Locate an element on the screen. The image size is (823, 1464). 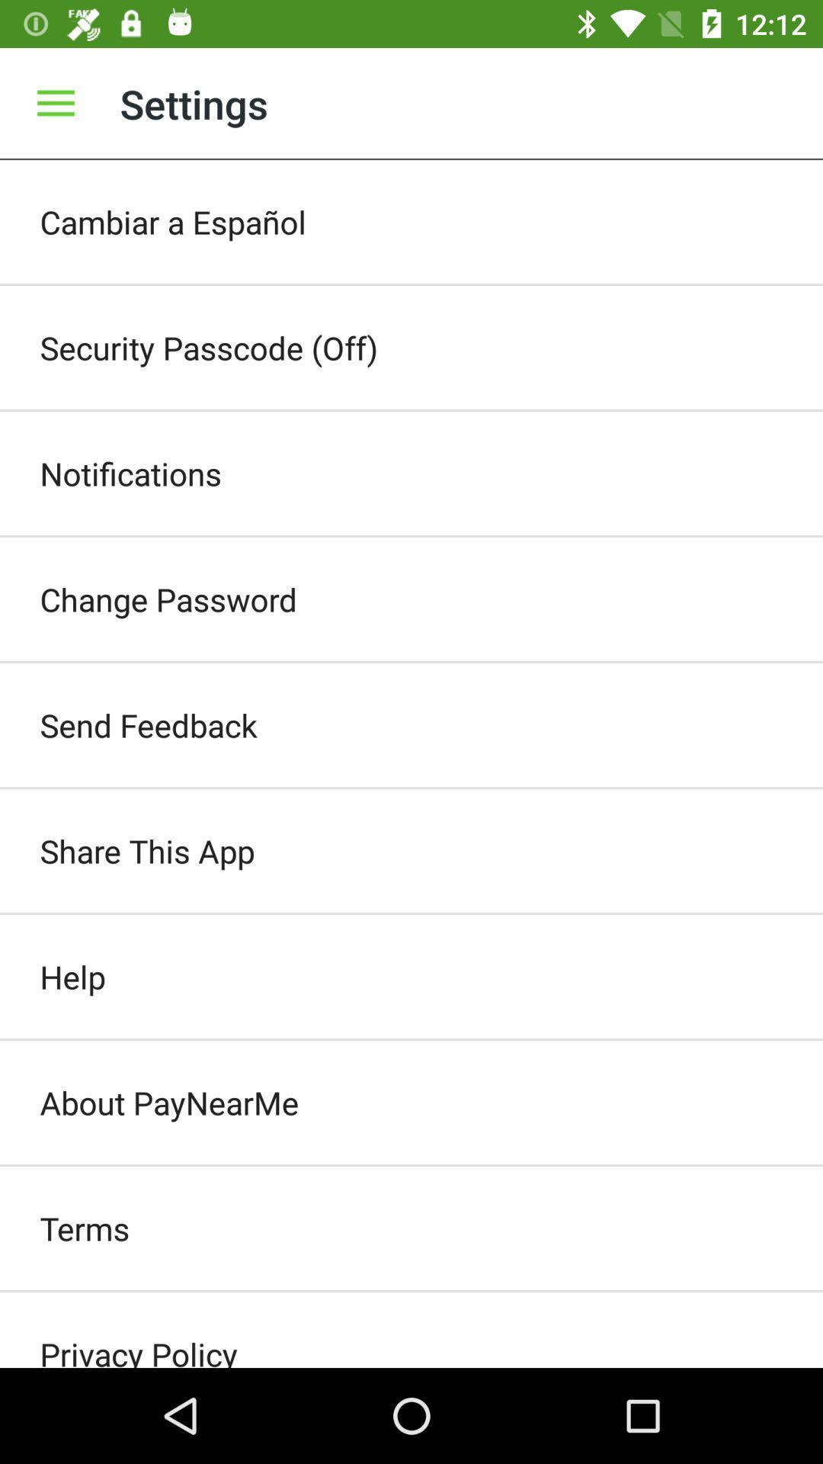
the icon above the notifications is located at coordinates (411, 347).